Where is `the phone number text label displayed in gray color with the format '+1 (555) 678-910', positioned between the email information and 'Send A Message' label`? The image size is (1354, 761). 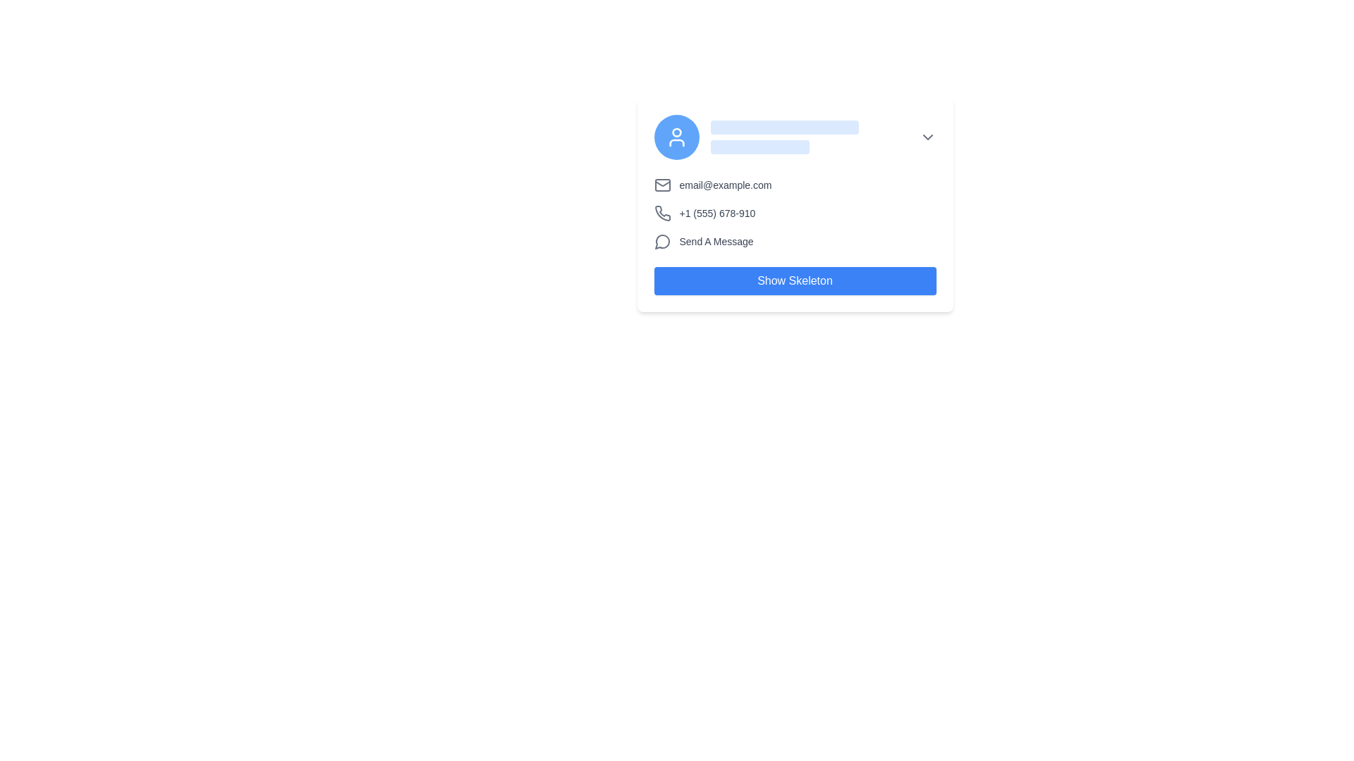 the phone number text label displayed in gray color with the format '+1 (555) 678-910', positioned between the email information and 'Send A Message' label is located at coordinates (717, 214).